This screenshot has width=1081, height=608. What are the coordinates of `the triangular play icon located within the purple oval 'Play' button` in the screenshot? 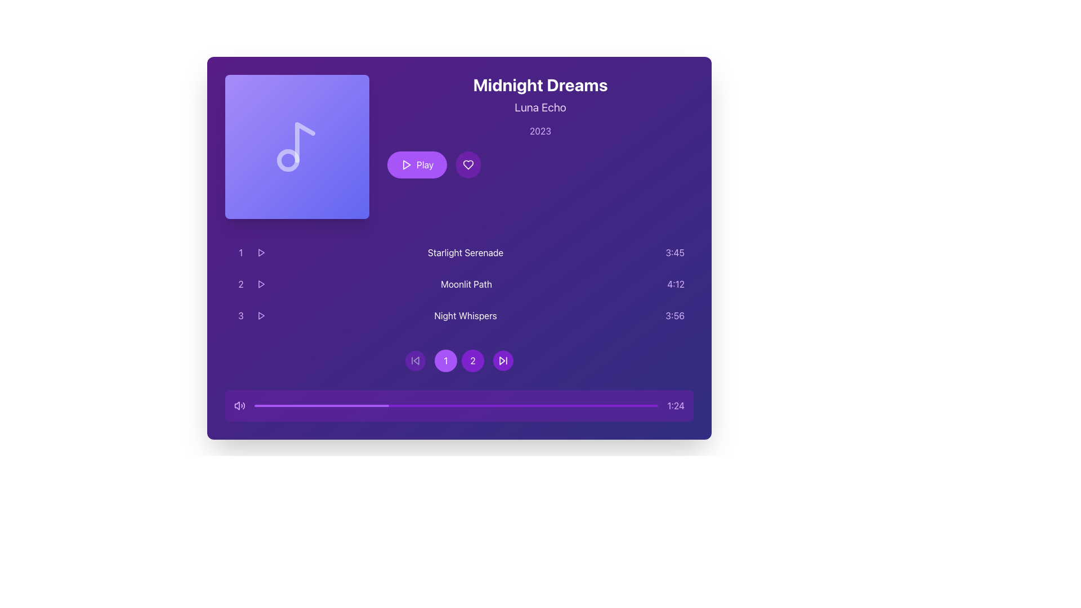 It's located at (406, 165).